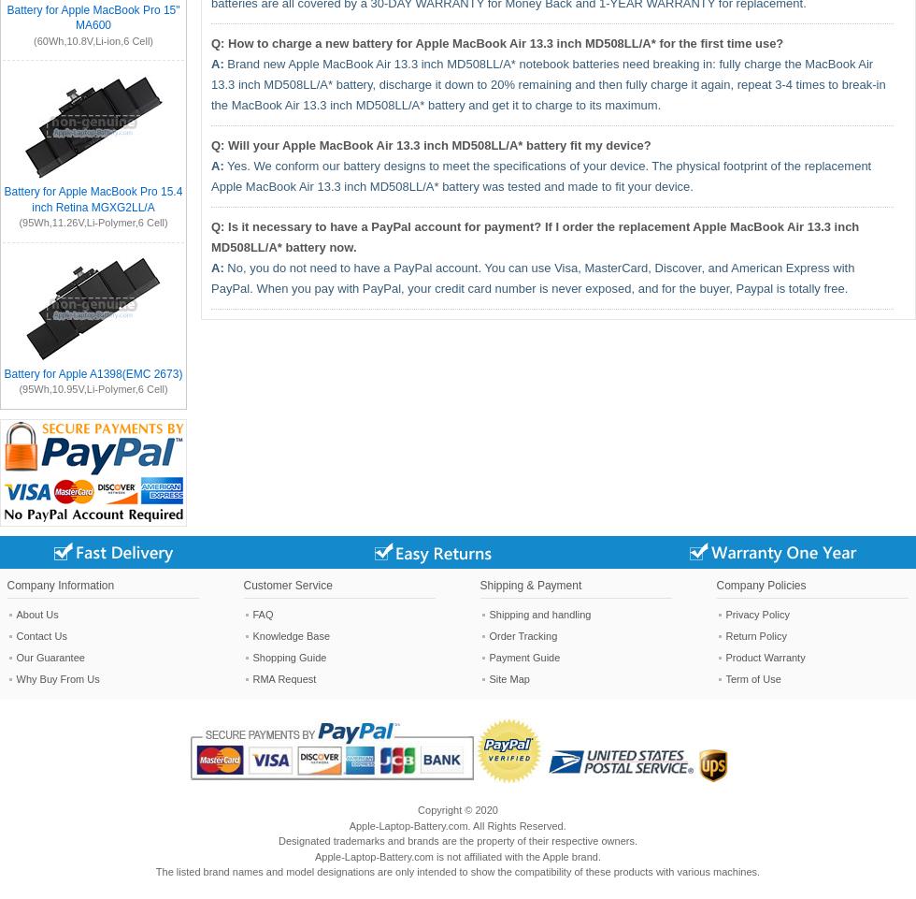 The width and height of the screenshot is (916, 899). What do you see at coordinates (485, 808) in the screenshot?
I see `'2020'` at bounding box center [485, 808].